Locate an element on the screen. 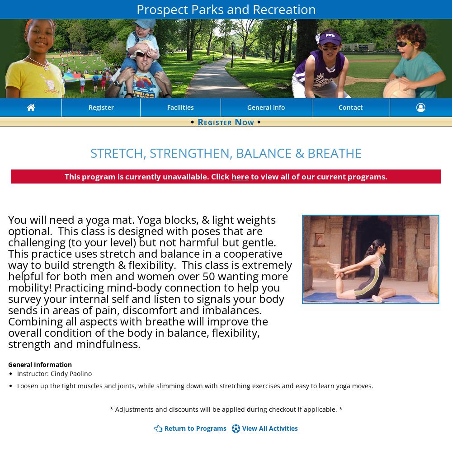  'Contact' is located at coordinates (338, 107).